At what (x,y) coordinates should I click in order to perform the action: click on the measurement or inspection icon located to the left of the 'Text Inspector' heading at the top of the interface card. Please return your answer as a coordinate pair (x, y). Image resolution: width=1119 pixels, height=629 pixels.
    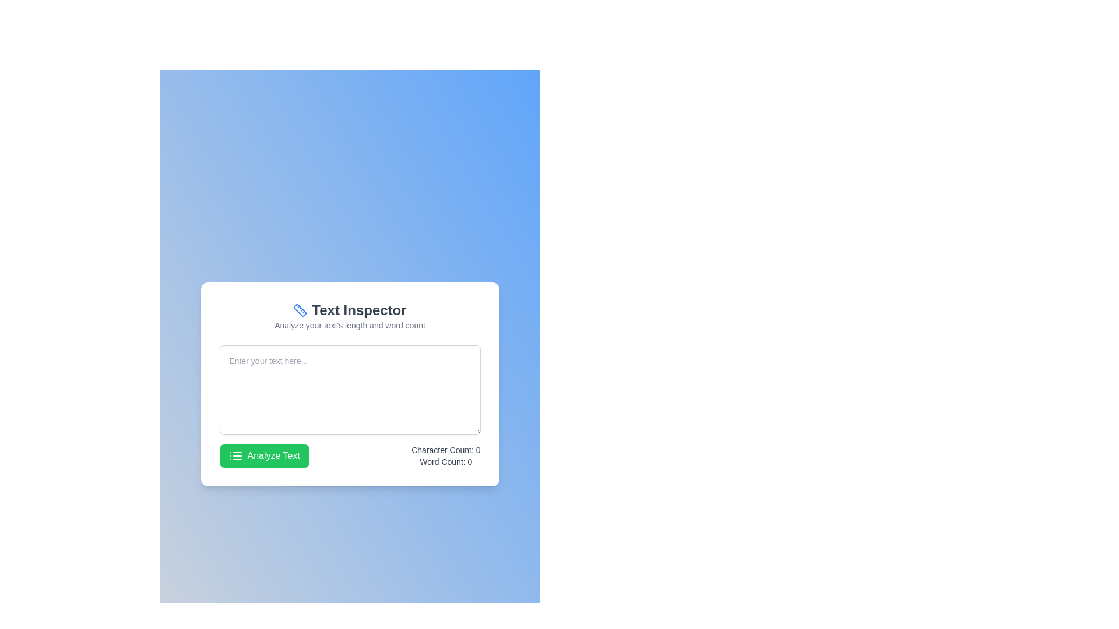
    Looking at the image, I should click on (300, 309).